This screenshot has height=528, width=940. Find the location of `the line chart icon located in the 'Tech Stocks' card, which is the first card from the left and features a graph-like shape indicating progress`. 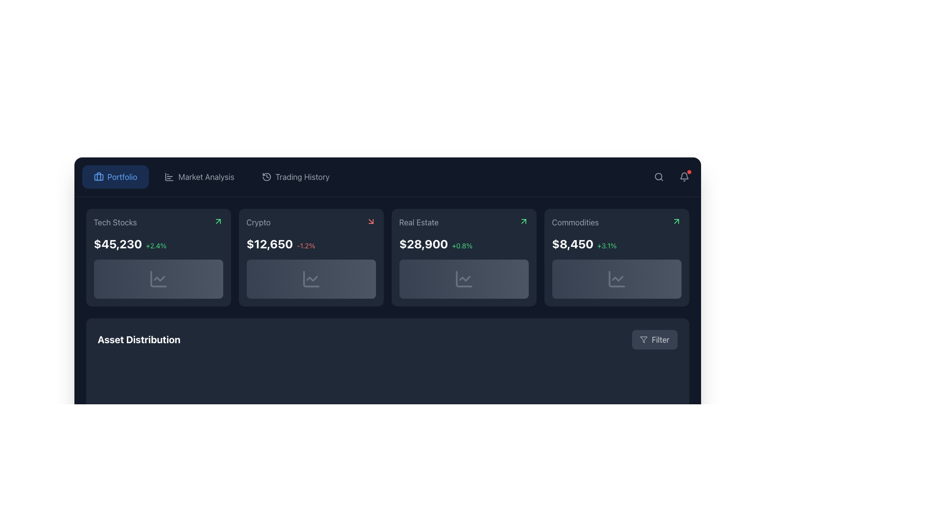

the line chart icon located in the 'Tech Stocks' card, which is the first card from the left and features a graph-like shape indicating progress is located at coordinates (158, 279).